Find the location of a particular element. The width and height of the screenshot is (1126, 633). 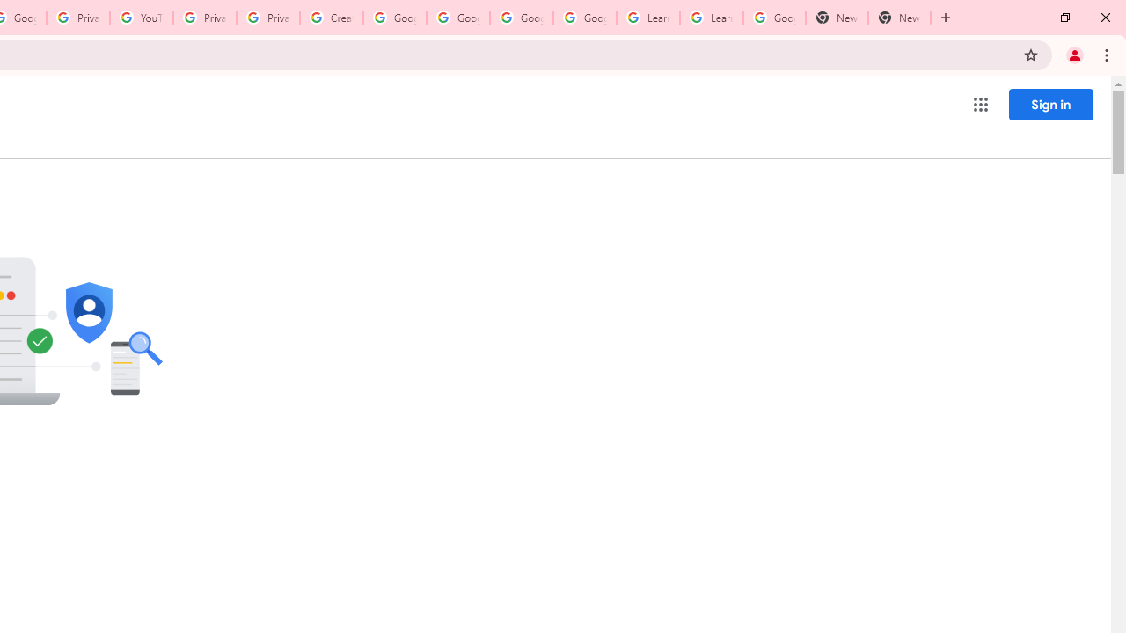

'Google Account' is located at coordinates (774, 18).